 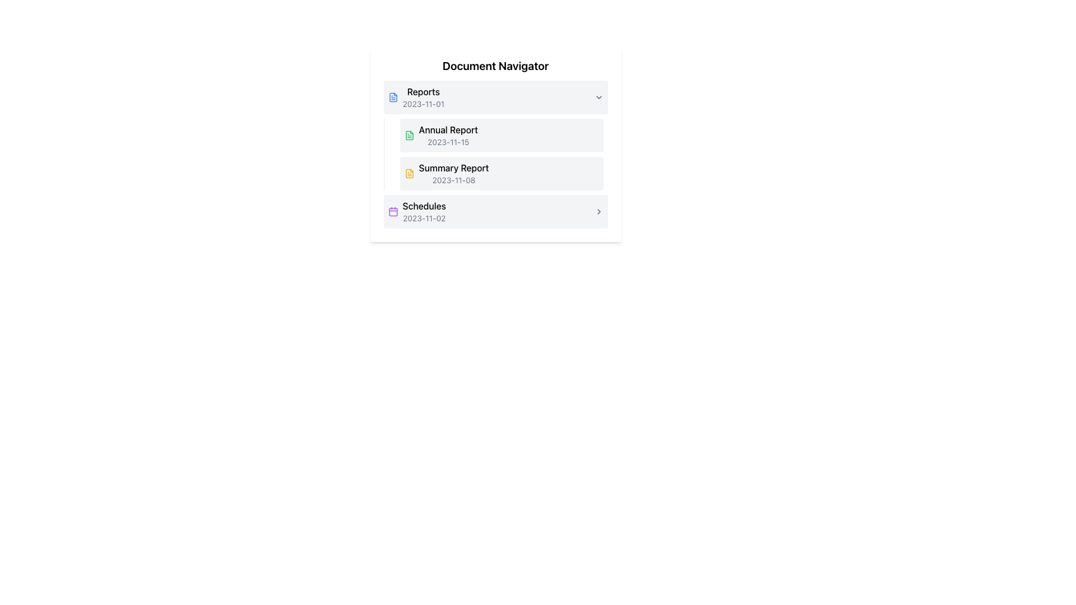 What do you see at coordinates (448, 142) in the screenshot?
I see `date displayed in the Text Label located slightly beneath the 'Annual Report' label, which serves as metadata for the report title` at bounding box center [448, 142].